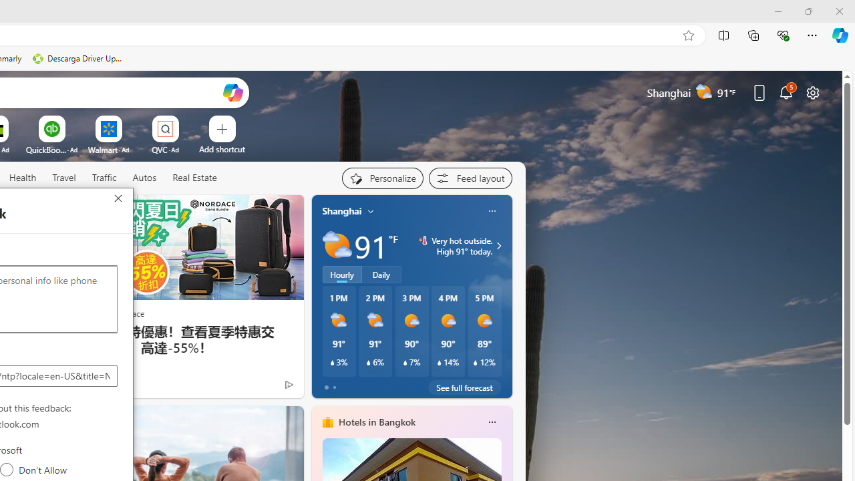  I want to click on 'Descarga Driver Updater', so click(78, 58).